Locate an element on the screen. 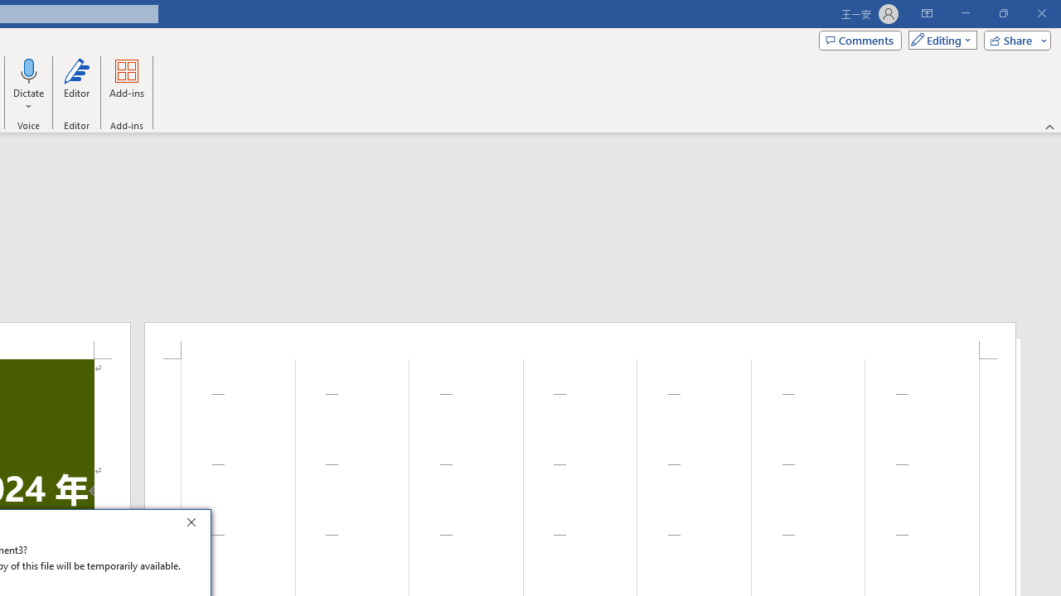  'Ribbon Display Options' is located at coordinates (926, 13).